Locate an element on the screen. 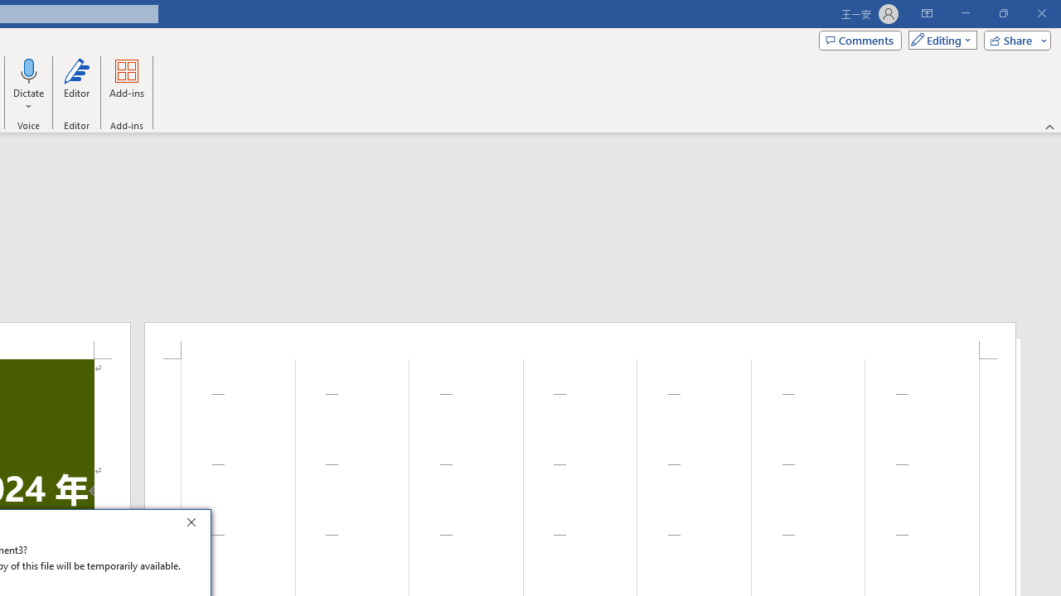  'Ribbon Display Options' is located at coordinates (926, 13).